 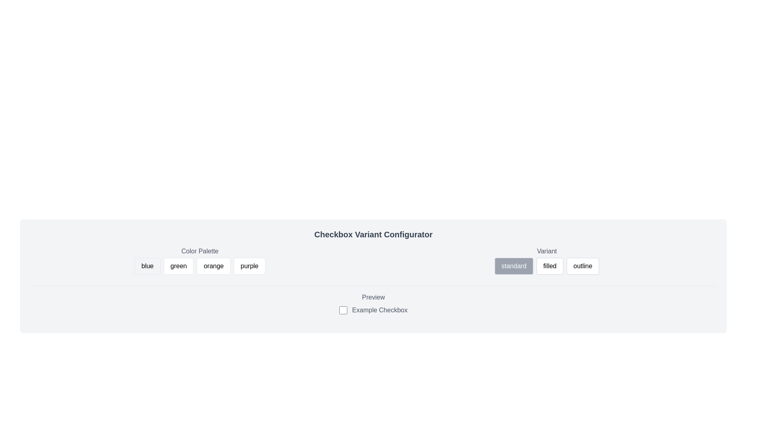 What do you see at coordinates (343, 310) in the screenshot?
I see `the blue-accented checkbox to check or uncheck it, located to the left of the 'Example Checkbox' label in the 'Preview' section` at bounding box center [343, 310].